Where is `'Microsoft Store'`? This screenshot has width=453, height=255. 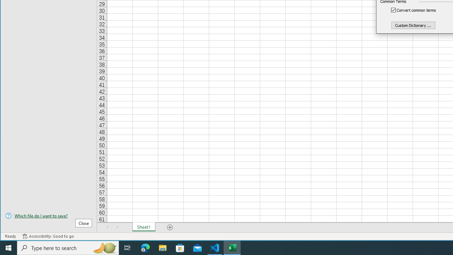
'Microsoft Store' is located at coordinates (180, 247).